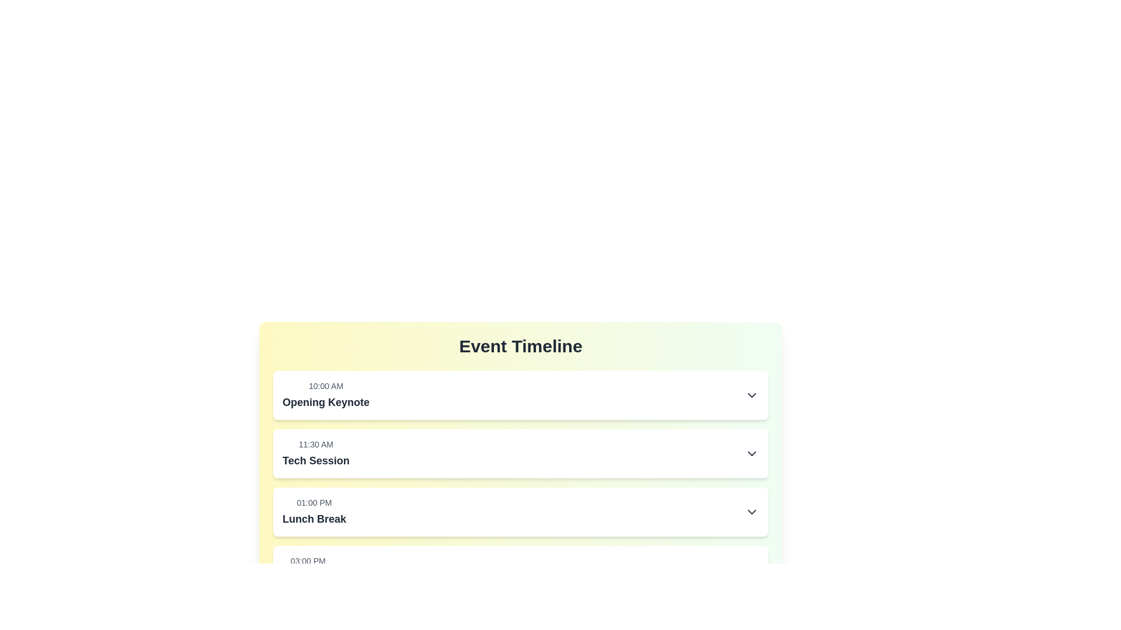 This screenshot has height=630, width=1121. What do you see at coordinates (326, 402) in the screenshot?
I see `the text label representing the title of an event session scheduled at the given time in the timeline, located below the '10:00 AM' time label in the second card of the 'Event Timeline' section` at bounding box center [326, 402].